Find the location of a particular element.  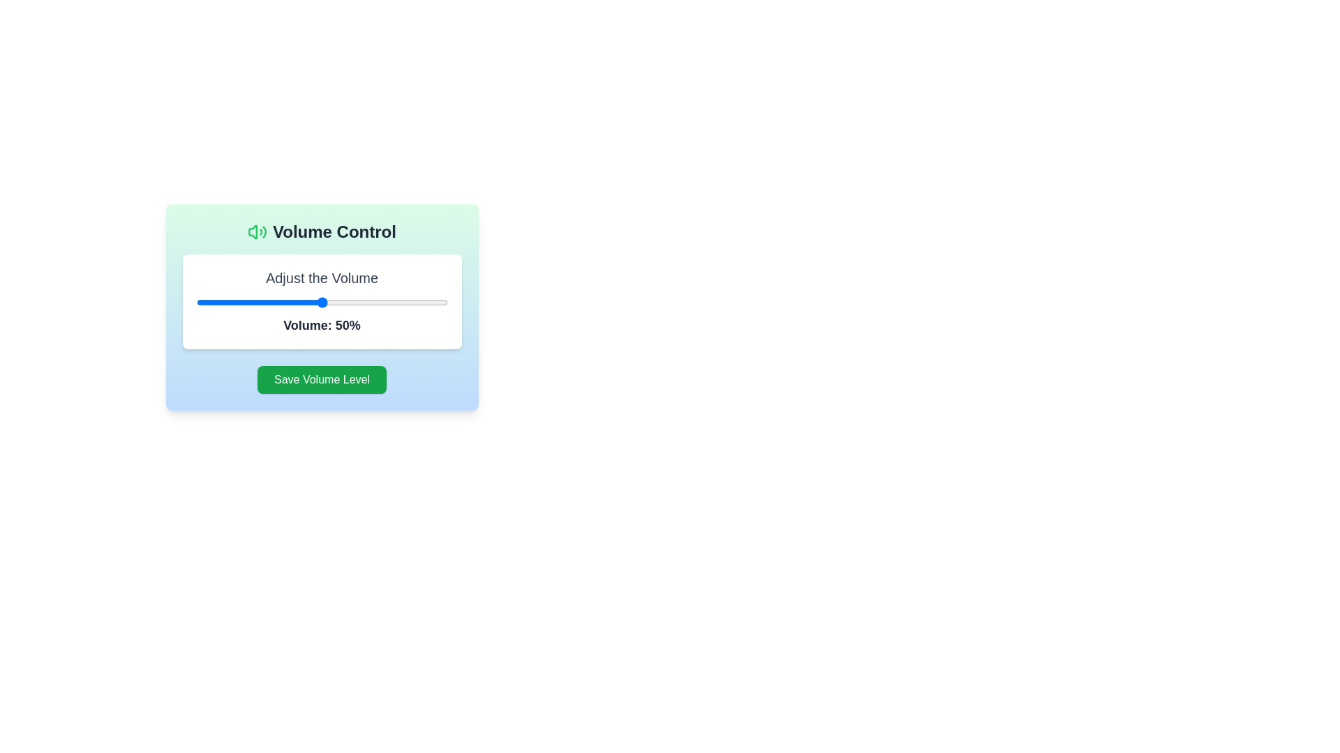

the volume slider to set the volume to 54% is located at coordinates (331, 302).